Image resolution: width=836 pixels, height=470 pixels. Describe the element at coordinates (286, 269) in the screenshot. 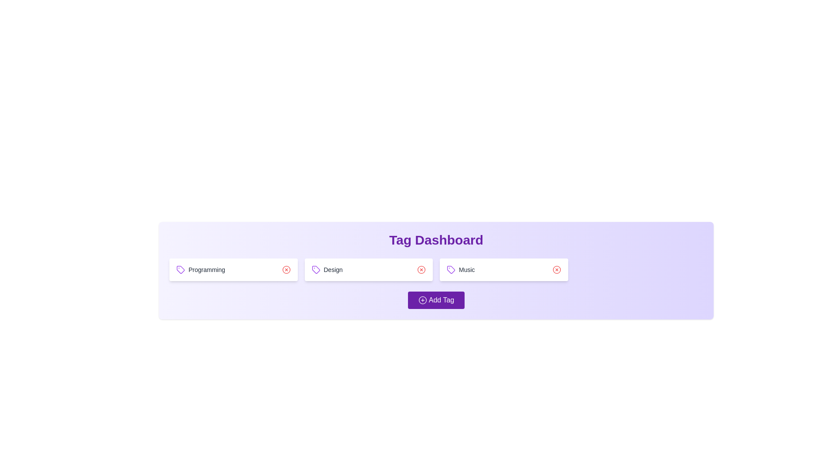

I see `the red circular button with a cross symbol inside, located to the right of the 'Programming' text in the first card labeled 'Programming'` at that location.